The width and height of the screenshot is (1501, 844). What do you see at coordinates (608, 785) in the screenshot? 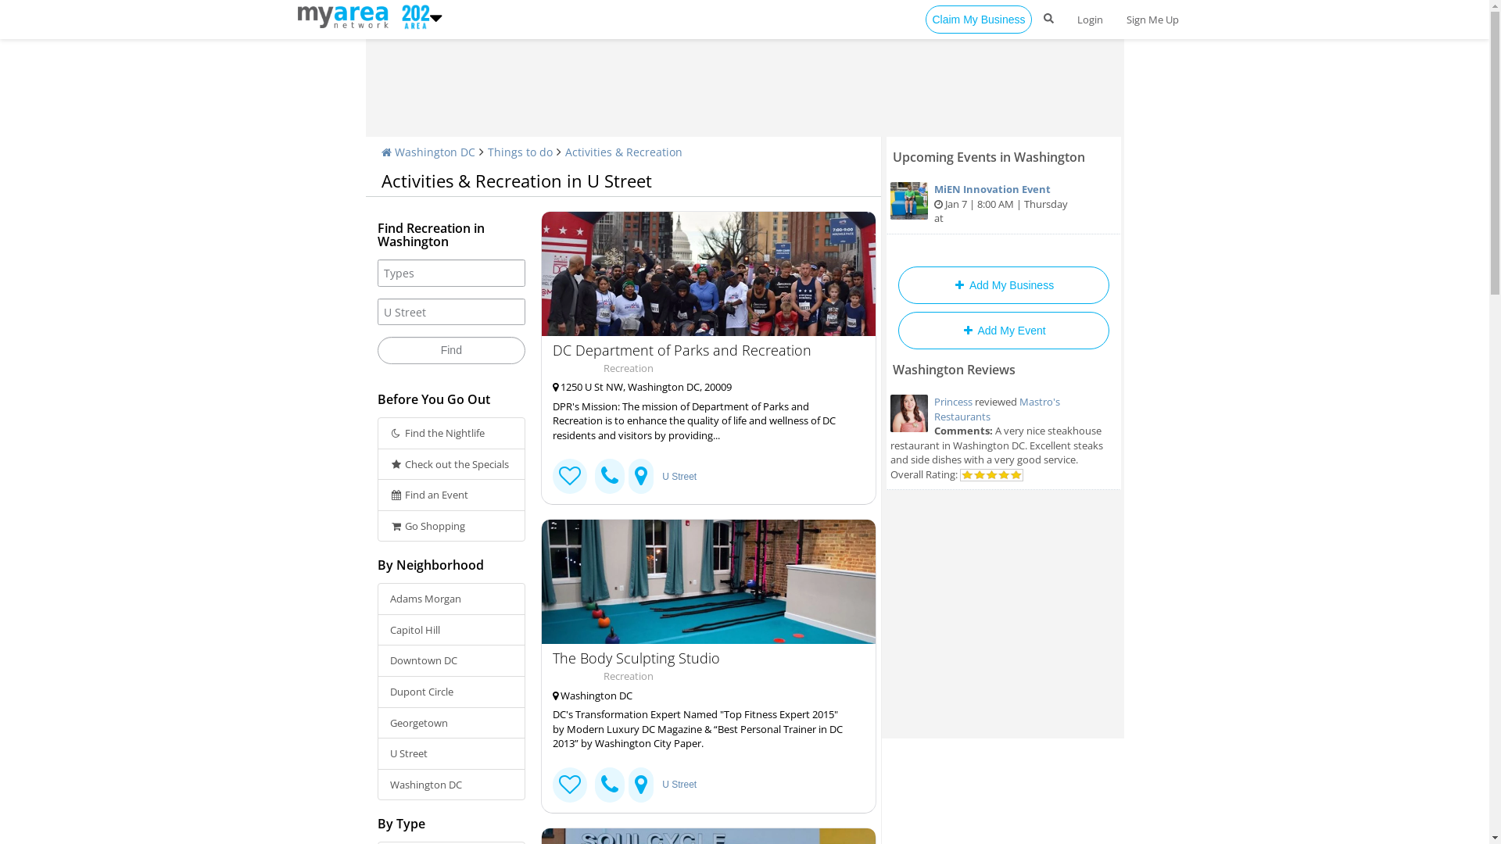
I see `'tel:202888-7221'` at bounding box center [608, 785].